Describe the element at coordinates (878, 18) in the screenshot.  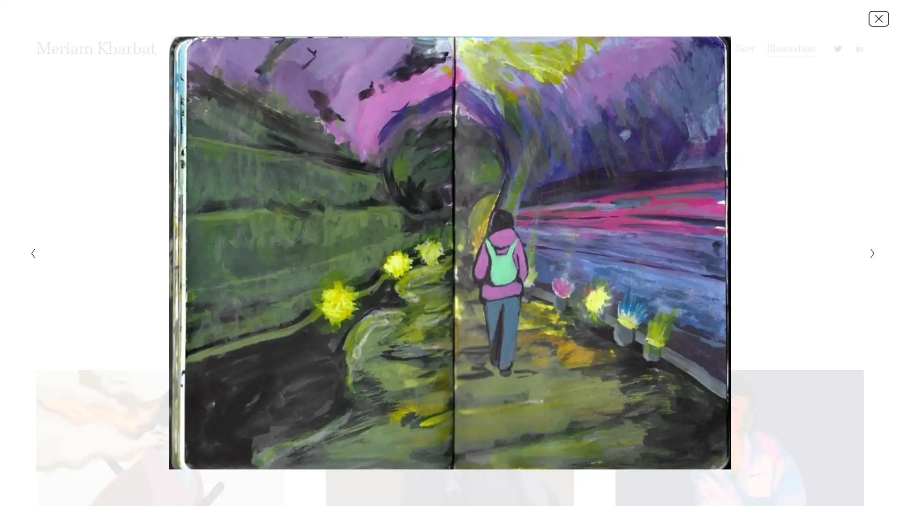
I see `Close` at that location.